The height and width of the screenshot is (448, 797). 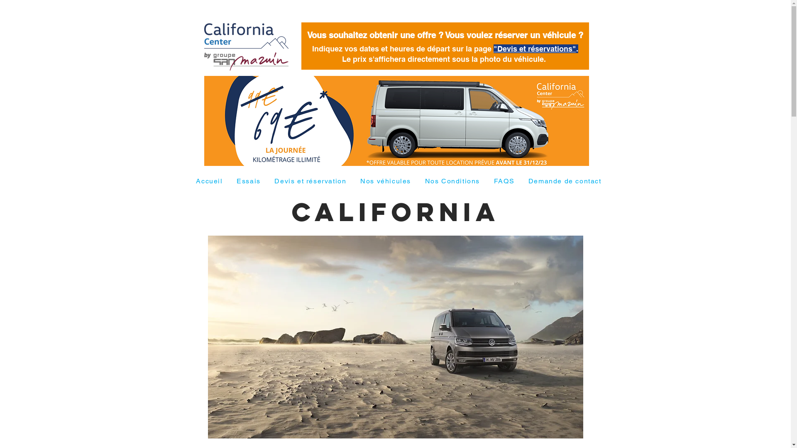 I want to click on 'Accueil', so click(x=209, y=181).